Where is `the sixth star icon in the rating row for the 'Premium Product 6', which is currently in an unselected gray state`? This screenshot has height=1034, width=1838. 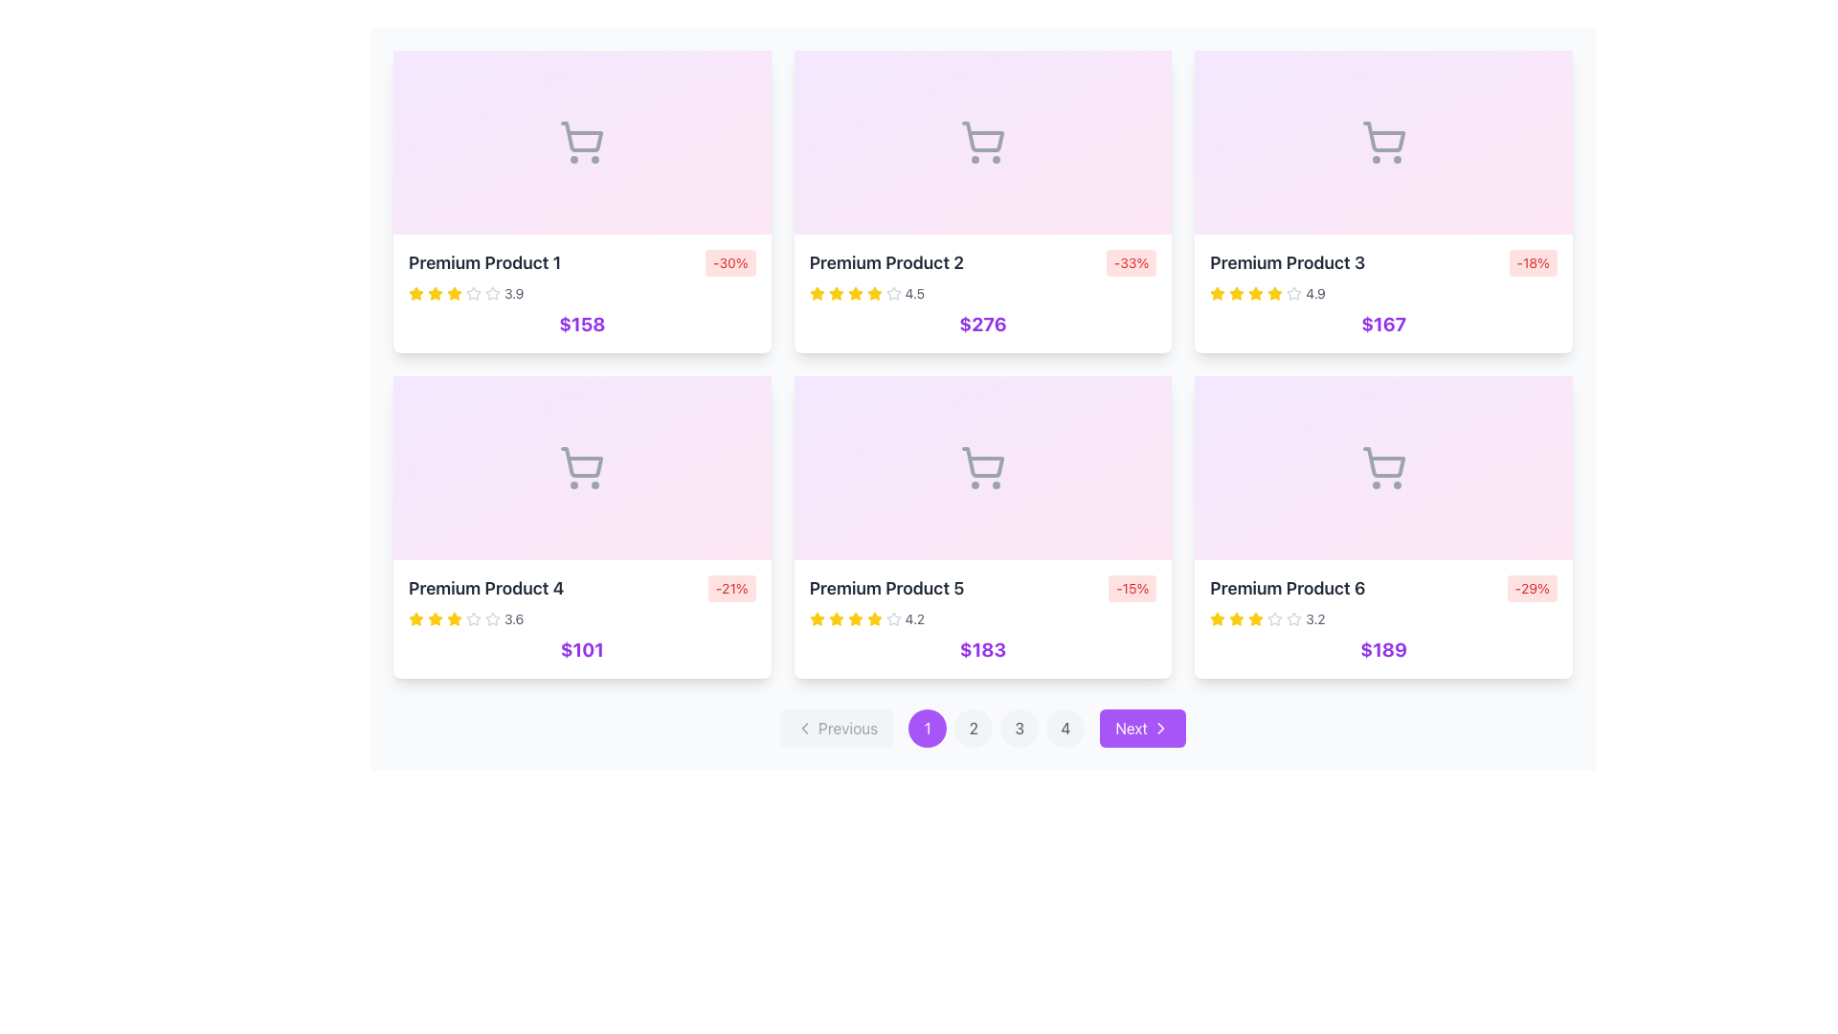
the sixth star icon in the rating row for the 'Premium Product 6', which is currently in an unselected gray state is located at coordinates (1275, 619).